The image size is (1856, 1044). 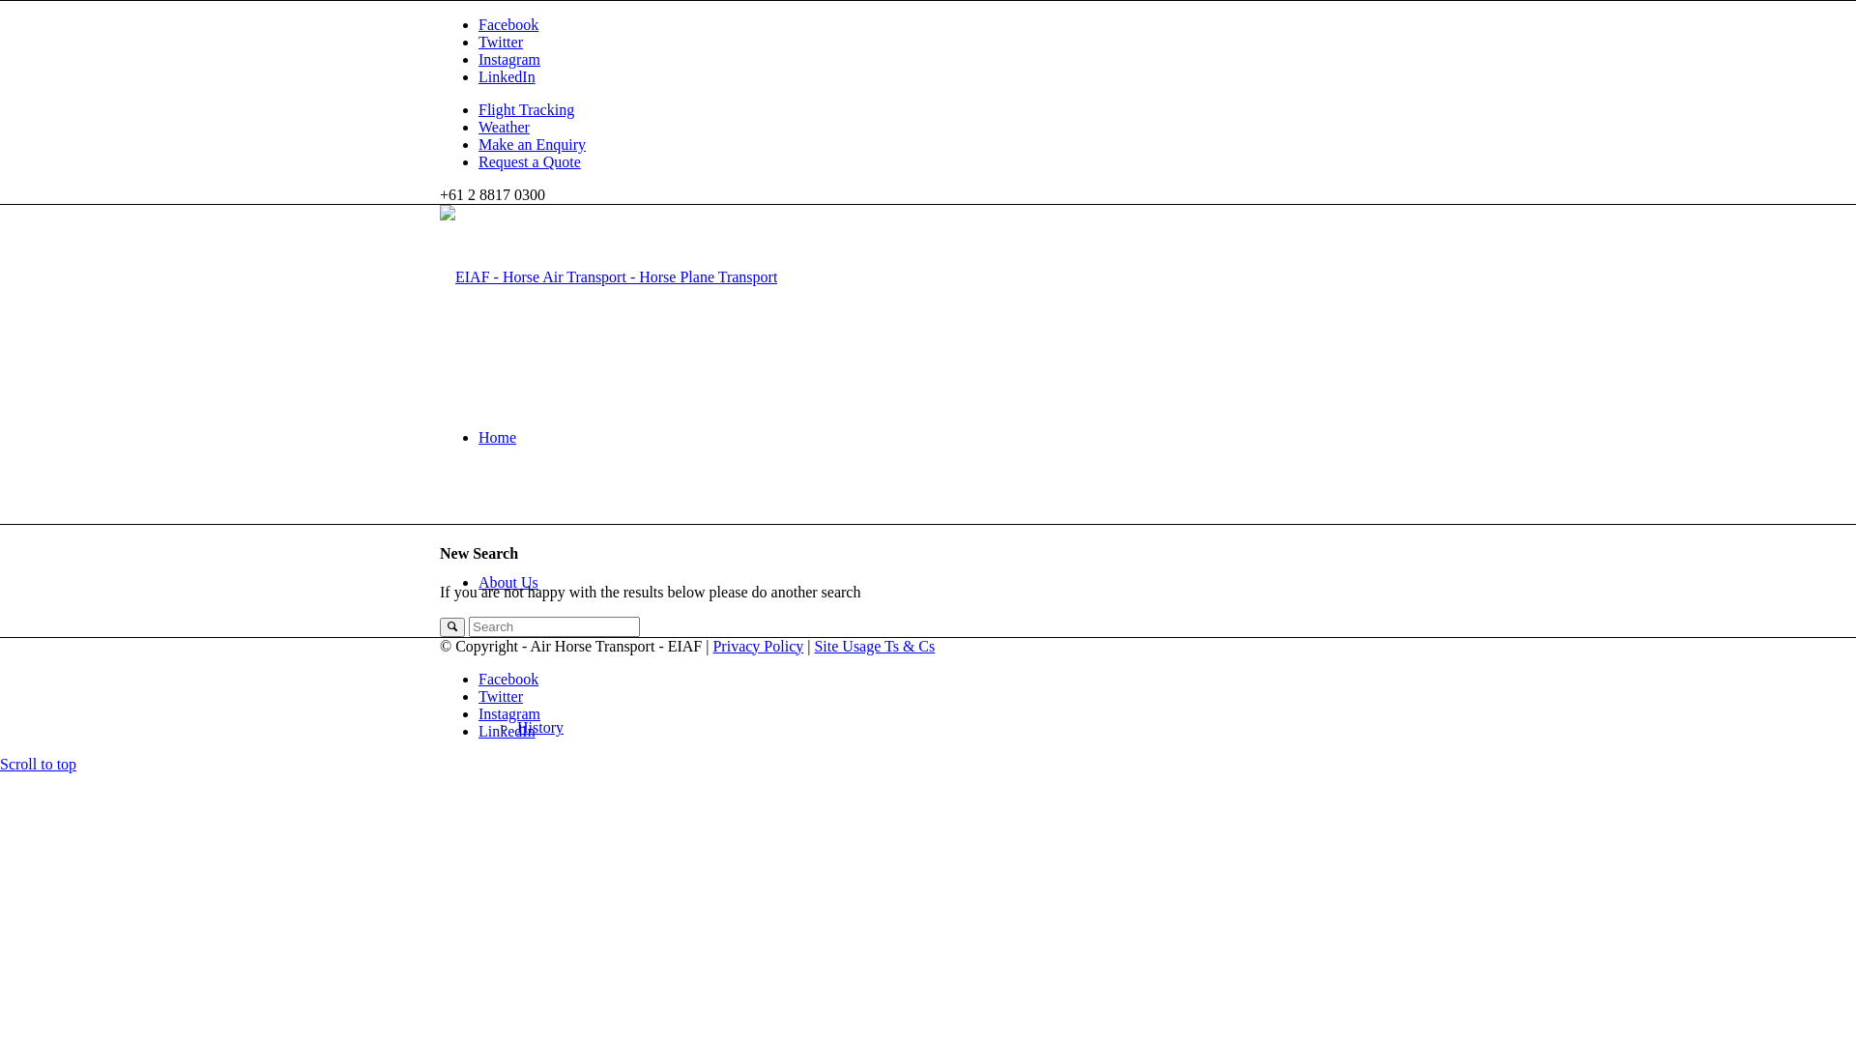 I want to click on 'Privacy Policy', so click(x=711, y=646).